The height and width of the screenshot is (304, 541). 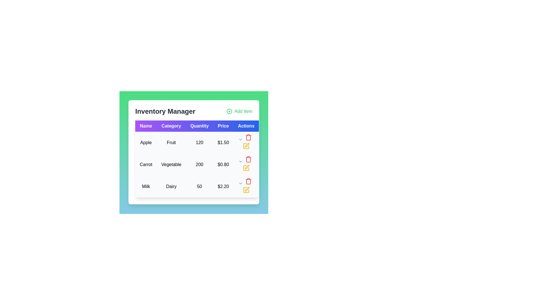 I want to click on the static text label displaying the price '$2.20' for the item 'Milk' in the 'Price' column of the table, so click(x=223, y=187).